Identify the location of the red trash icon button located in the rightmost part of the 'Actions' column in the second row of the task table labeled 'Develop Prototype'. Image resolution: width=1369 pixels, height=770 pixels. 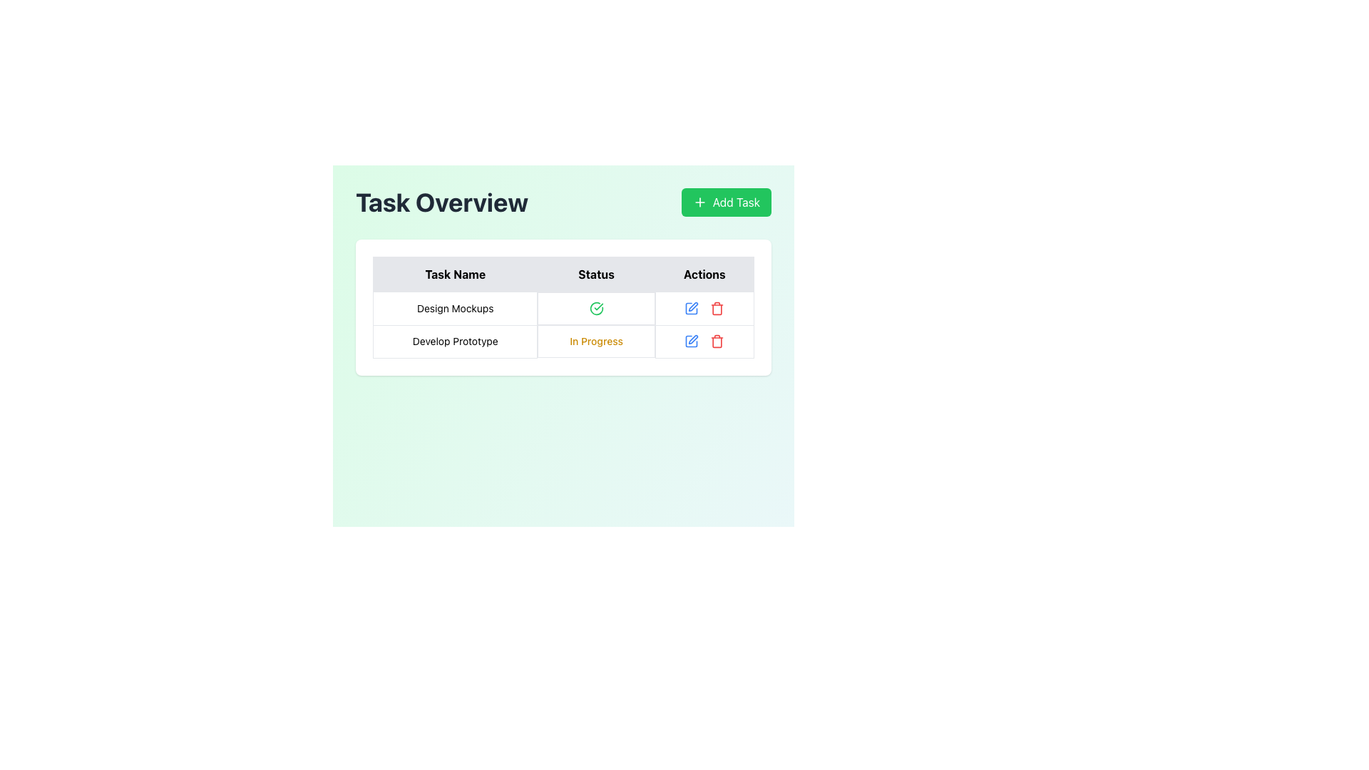
(717, 307).